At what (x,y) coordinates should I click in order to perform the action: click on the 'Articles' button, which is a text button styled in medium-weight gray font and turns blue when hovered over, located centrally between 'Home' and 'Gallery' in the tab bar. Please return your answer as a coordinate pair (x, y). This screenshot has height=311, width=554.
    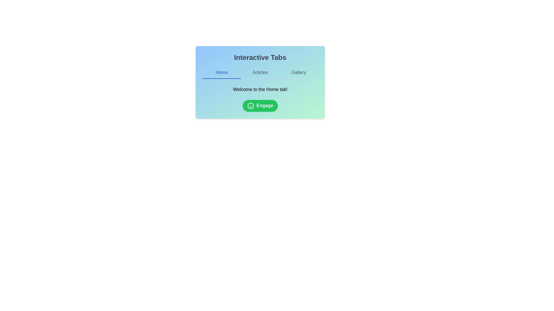
    Looking at the image, I should click on (260, 73).